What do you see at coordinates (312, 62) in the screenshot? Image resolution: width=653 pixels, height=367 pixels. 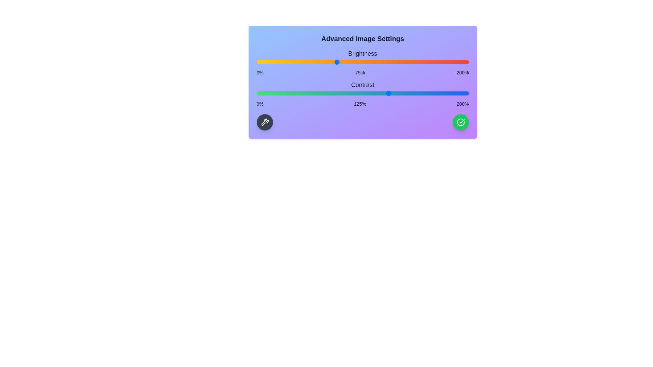 I see `the brightness slider to 53%` at bounding box center [312, 62].